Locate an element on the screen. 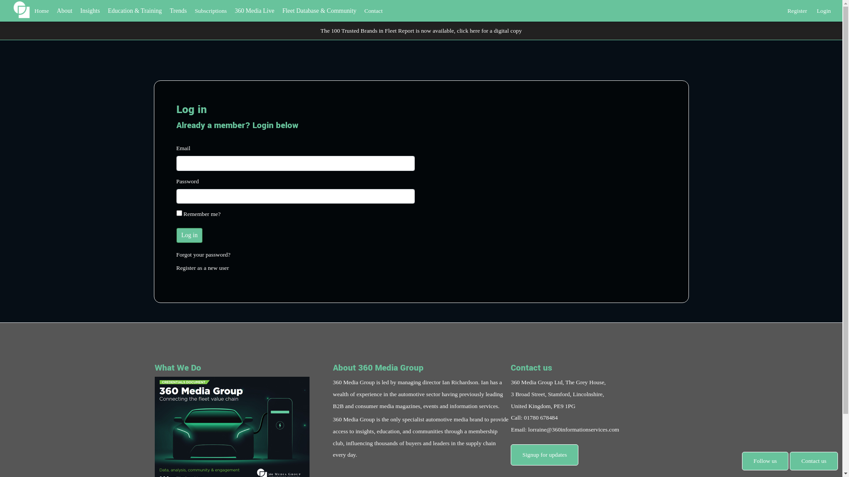 The width and height of the screenshot is (849, 477). 'Subscriptions' is located at coordinates (210, 11).